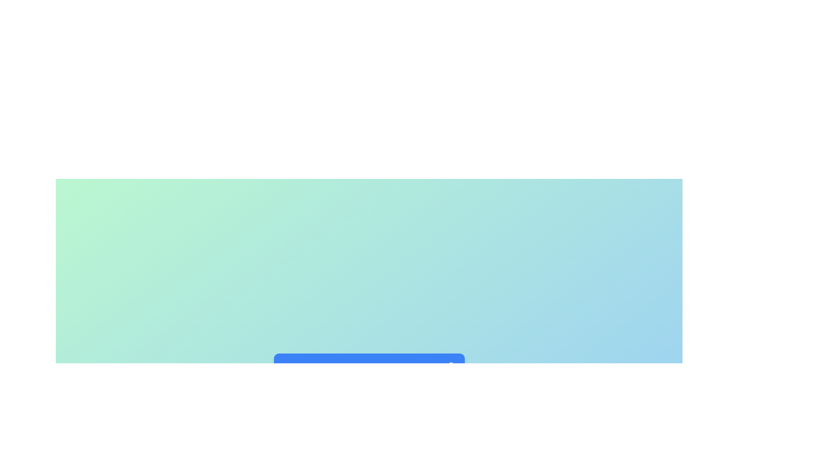  Describe the element at coordinates (369, 397) in the screenshot. I see `the status icon of the Notification item indicating that a system update has successfully completed, which is the first item in a vertical list of notifications` at that location.